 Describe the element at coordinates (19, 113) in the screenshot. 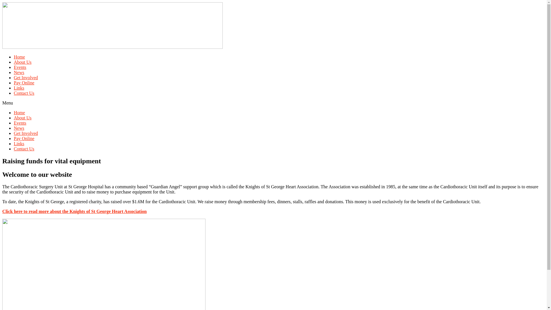

I see `'Home'` at that location.